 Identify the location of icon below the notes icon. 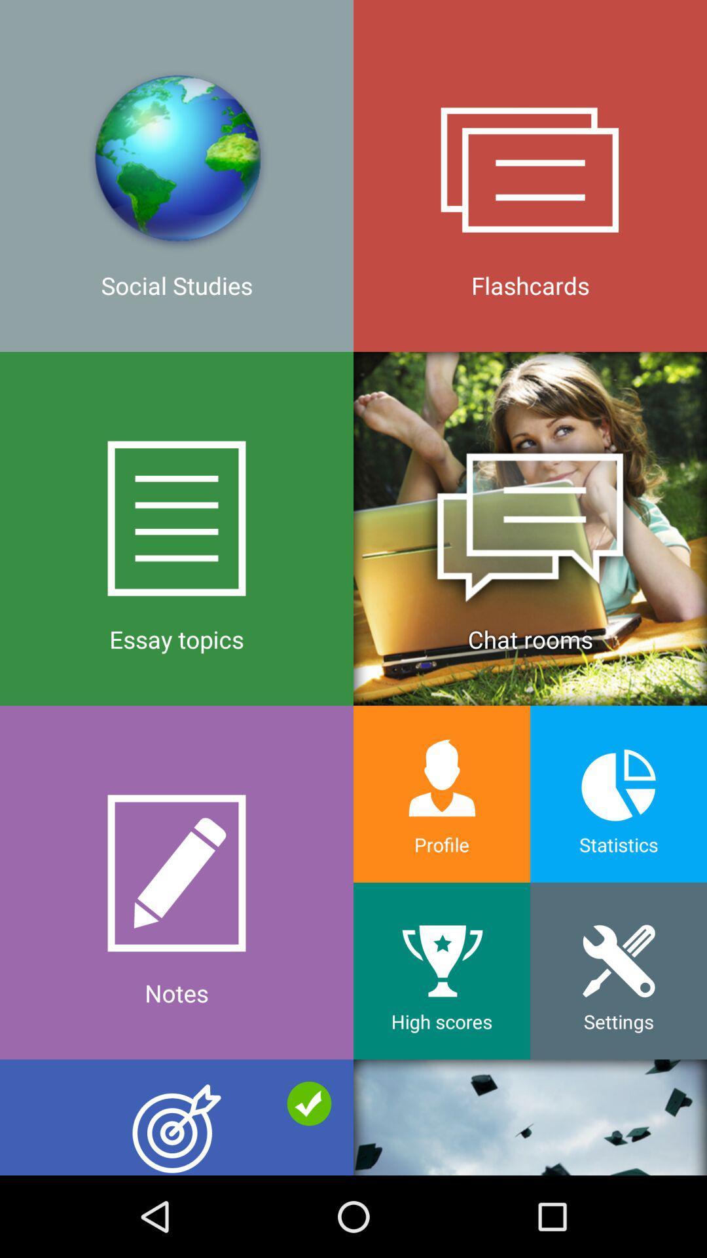
(177, 1116).